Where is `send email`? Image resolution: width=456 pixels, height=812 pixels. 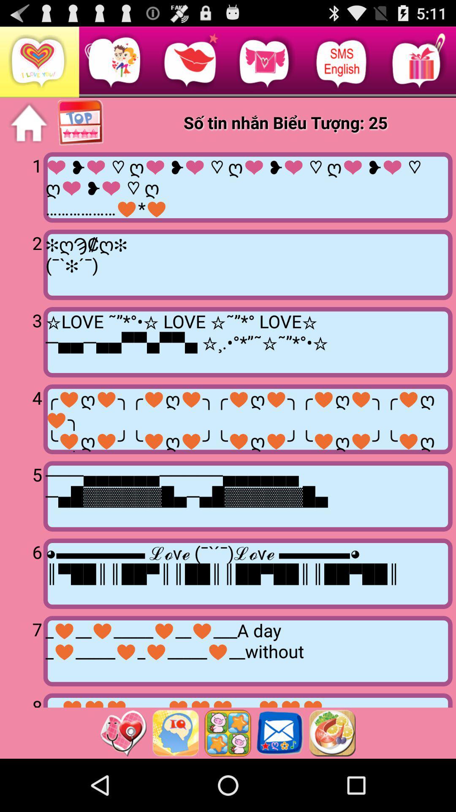
send email is located at coordinates (280, 732).